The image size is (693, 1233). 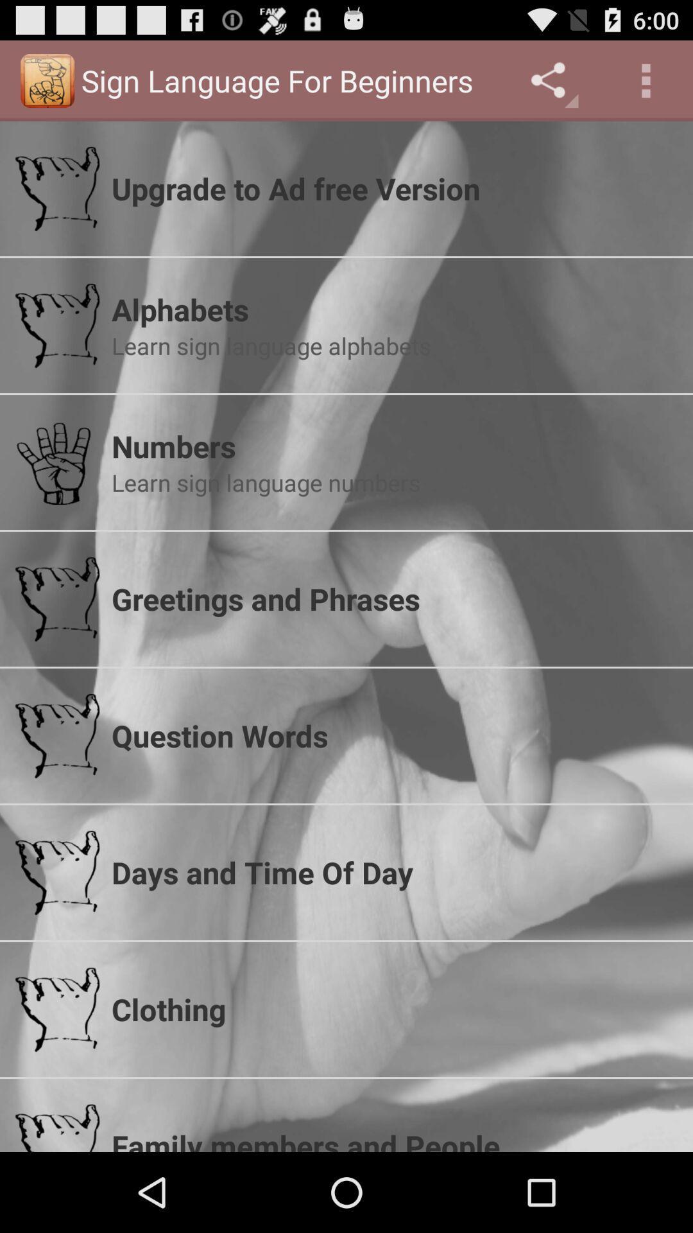 I want to click on the clothing app, so click(x=393, y=1008).